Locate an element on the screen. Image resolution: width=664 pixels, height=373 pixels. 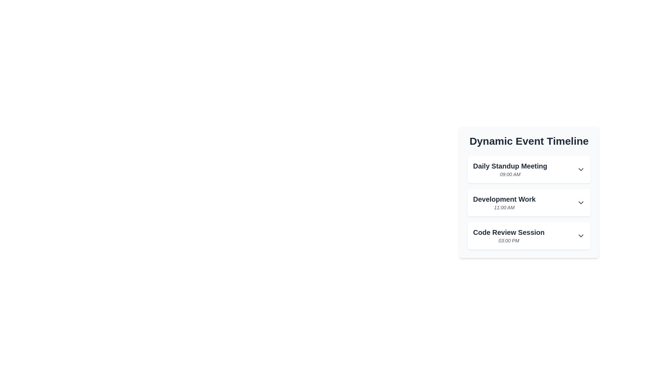
the Timeline Event Entry with the bold text 'Development Work' is located at coordinates (529, 202).